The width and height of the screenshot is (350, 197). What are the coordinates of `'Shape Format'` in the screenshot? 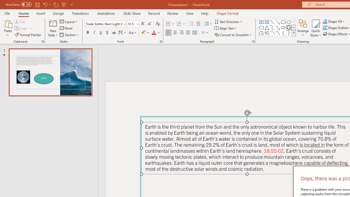 It's located at (227, 13).